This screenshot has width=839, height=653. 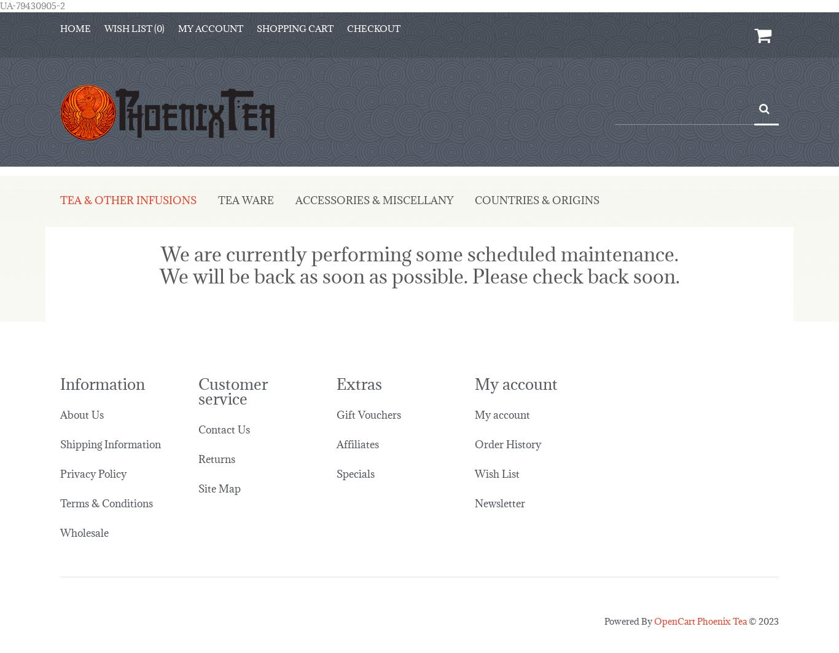 What do you see at coordinates (368, 405) in the screenshot?
I see `'Gift Vouchers'` at bounding box center [368, 405].